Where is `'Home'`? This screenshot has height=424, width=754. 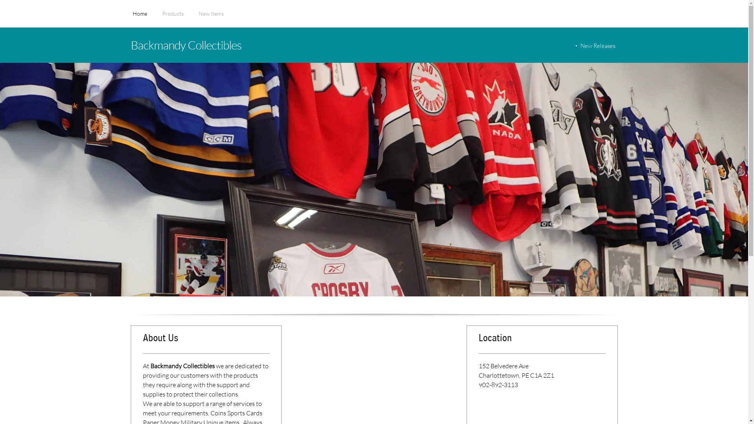 'Home' is located at coordinates (140, 18).